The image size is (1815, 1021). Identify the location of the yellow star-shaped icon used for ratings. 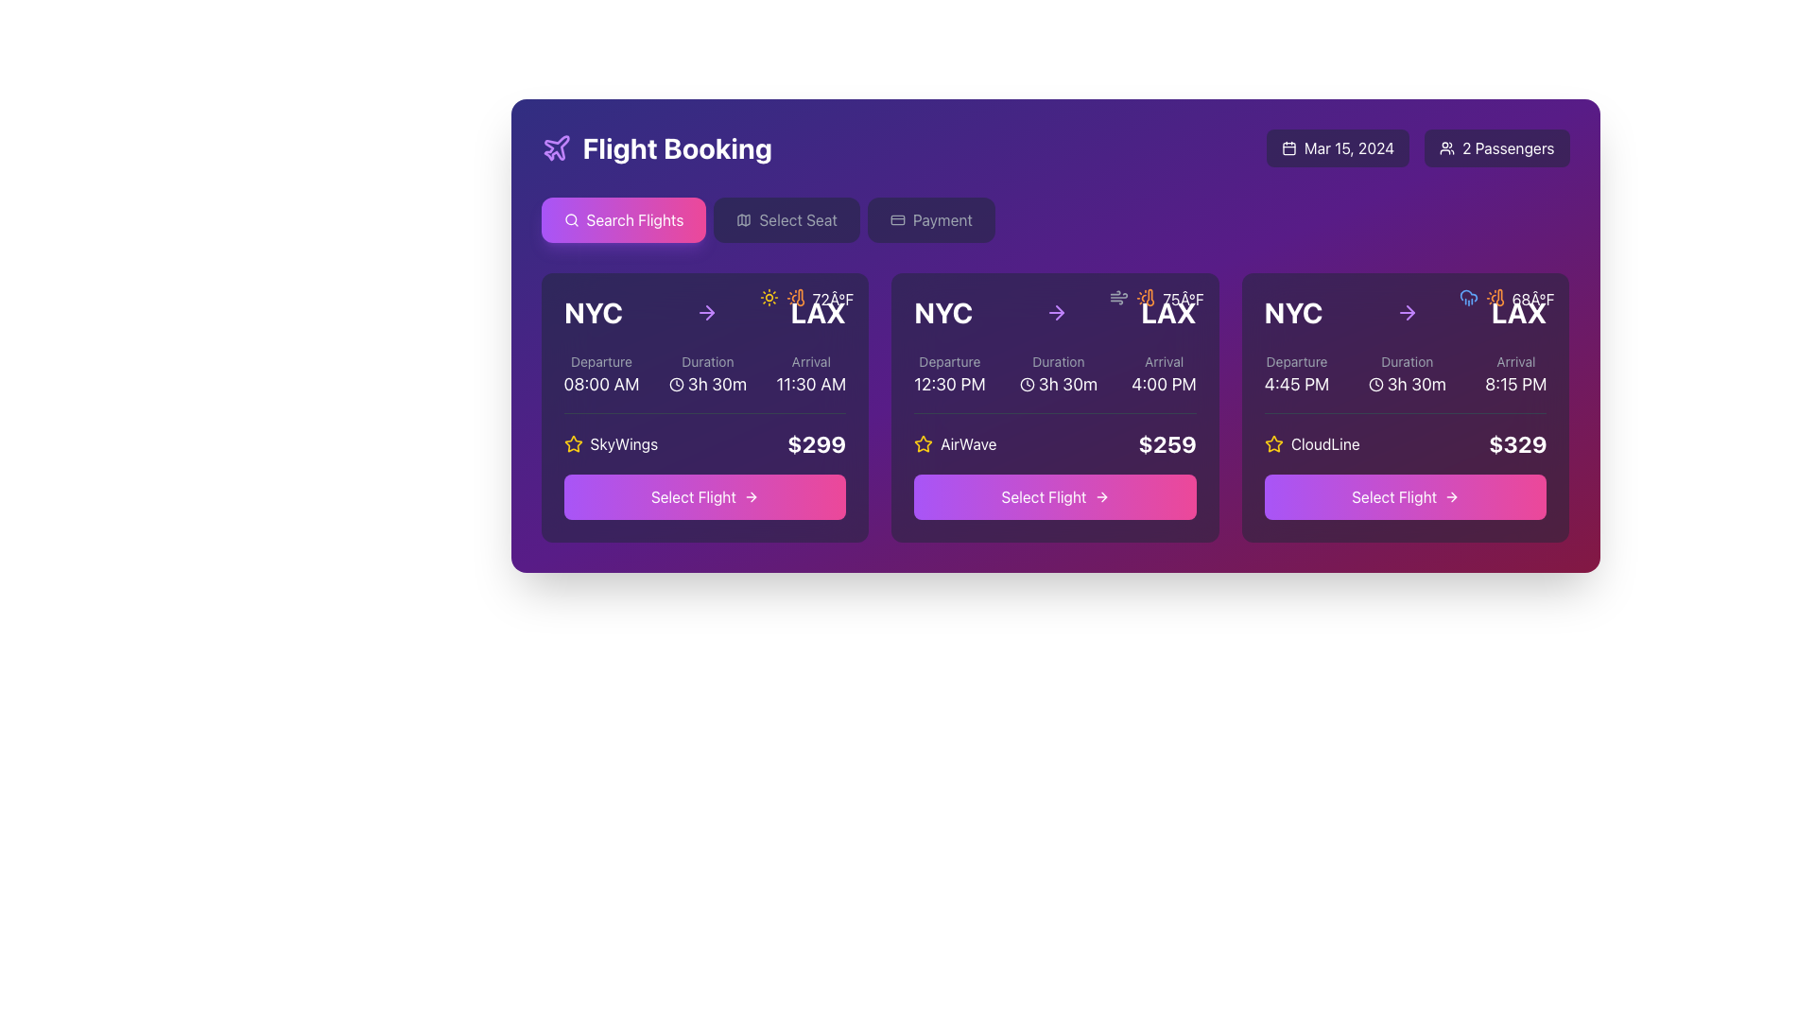
(572, 443).